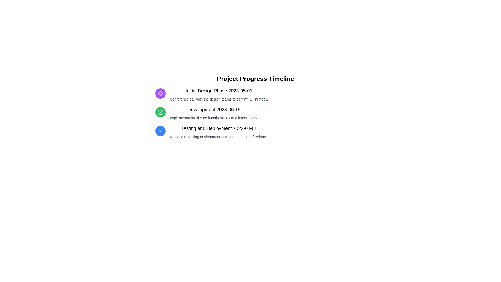  I want to click on the Icon Button located at the bottom of the stack of circular status indicators next to the 'Testing and Deployment 2023-08-01' text, so click(160, 131).